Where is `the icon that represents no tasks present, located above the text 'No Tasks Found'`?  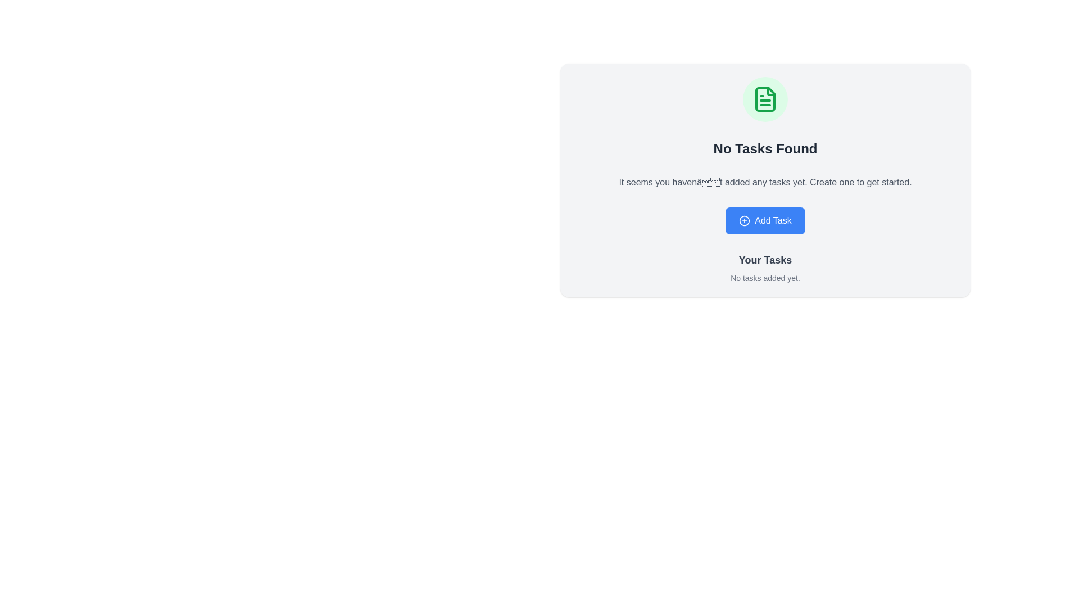
the icon that represents no tasks present, located above the text 'No Tasks Found' is located at coordinates (765, 99).